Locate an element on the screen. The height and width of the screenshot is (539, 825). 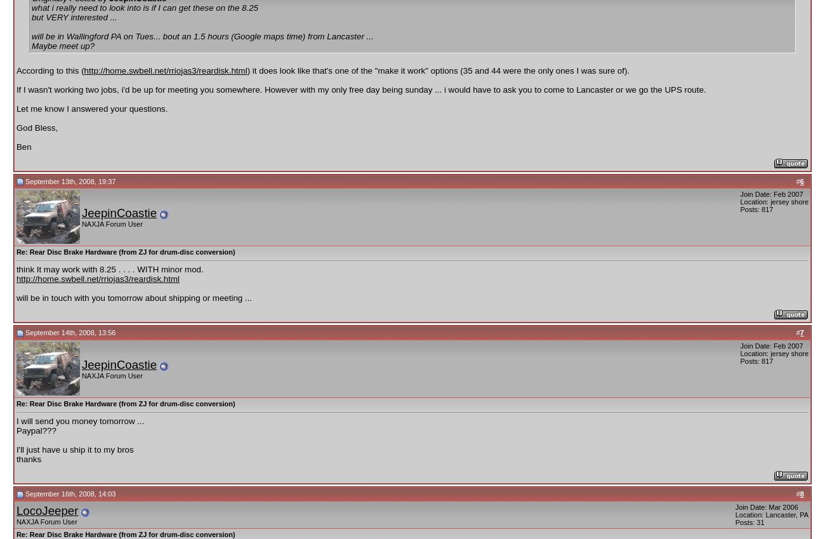
'I will send you money tomorrow  ...' is located at coordinates (79, 420).